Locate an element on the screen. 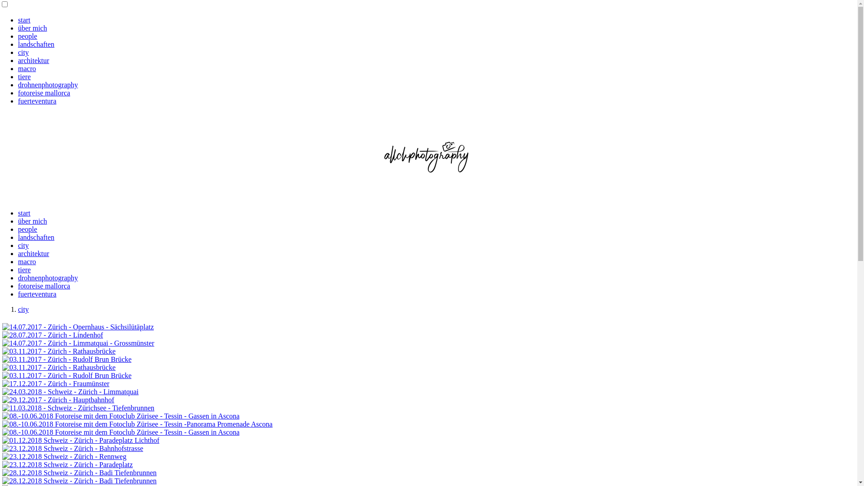 Image resolution: width=864 pixels, height=486 pixels. 'start' is located at coordinates (24, 213).